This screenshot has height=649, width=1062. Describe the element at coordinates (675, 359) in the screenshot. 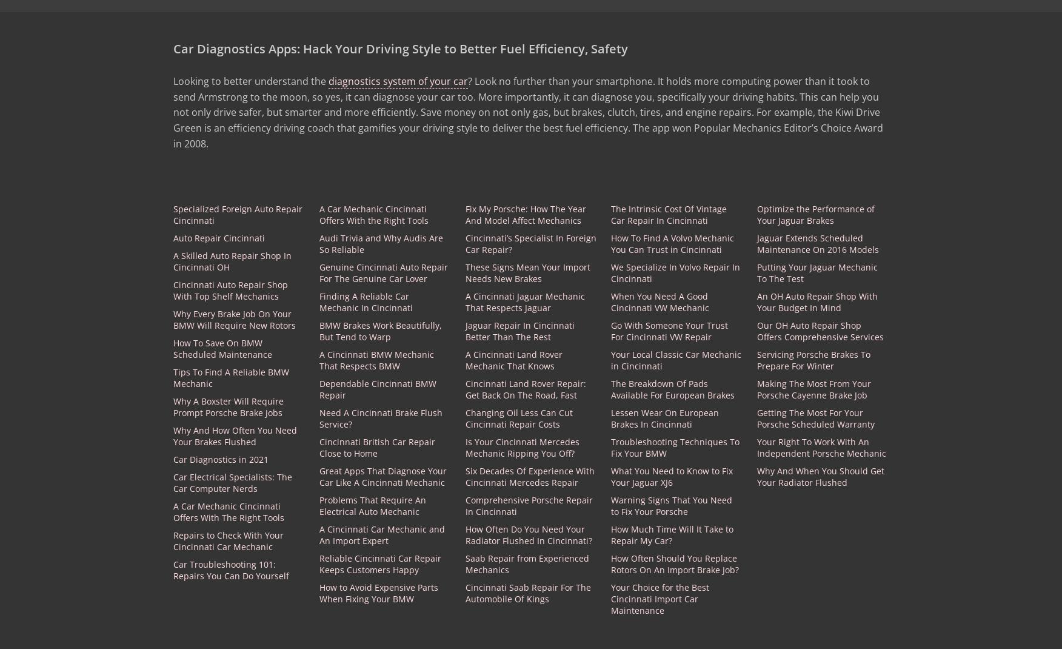

I see `'Your Local Classic Car Mechanic in Cincinnati'` at that location.